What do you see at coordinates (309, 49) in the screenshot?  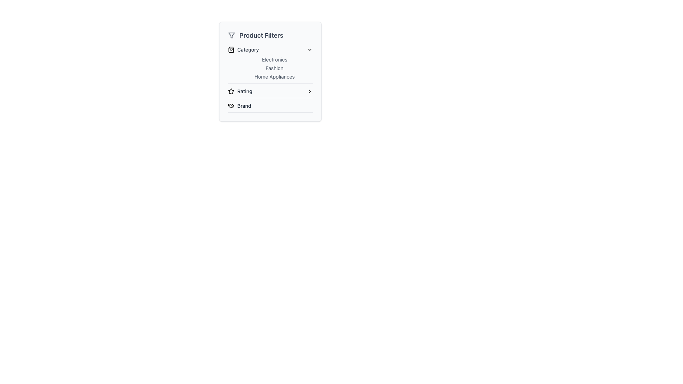 I see `the downwards-pointing chevron icon next to the 'Category' label in the 'Product Filters' section` at bounding box center [309, 49].